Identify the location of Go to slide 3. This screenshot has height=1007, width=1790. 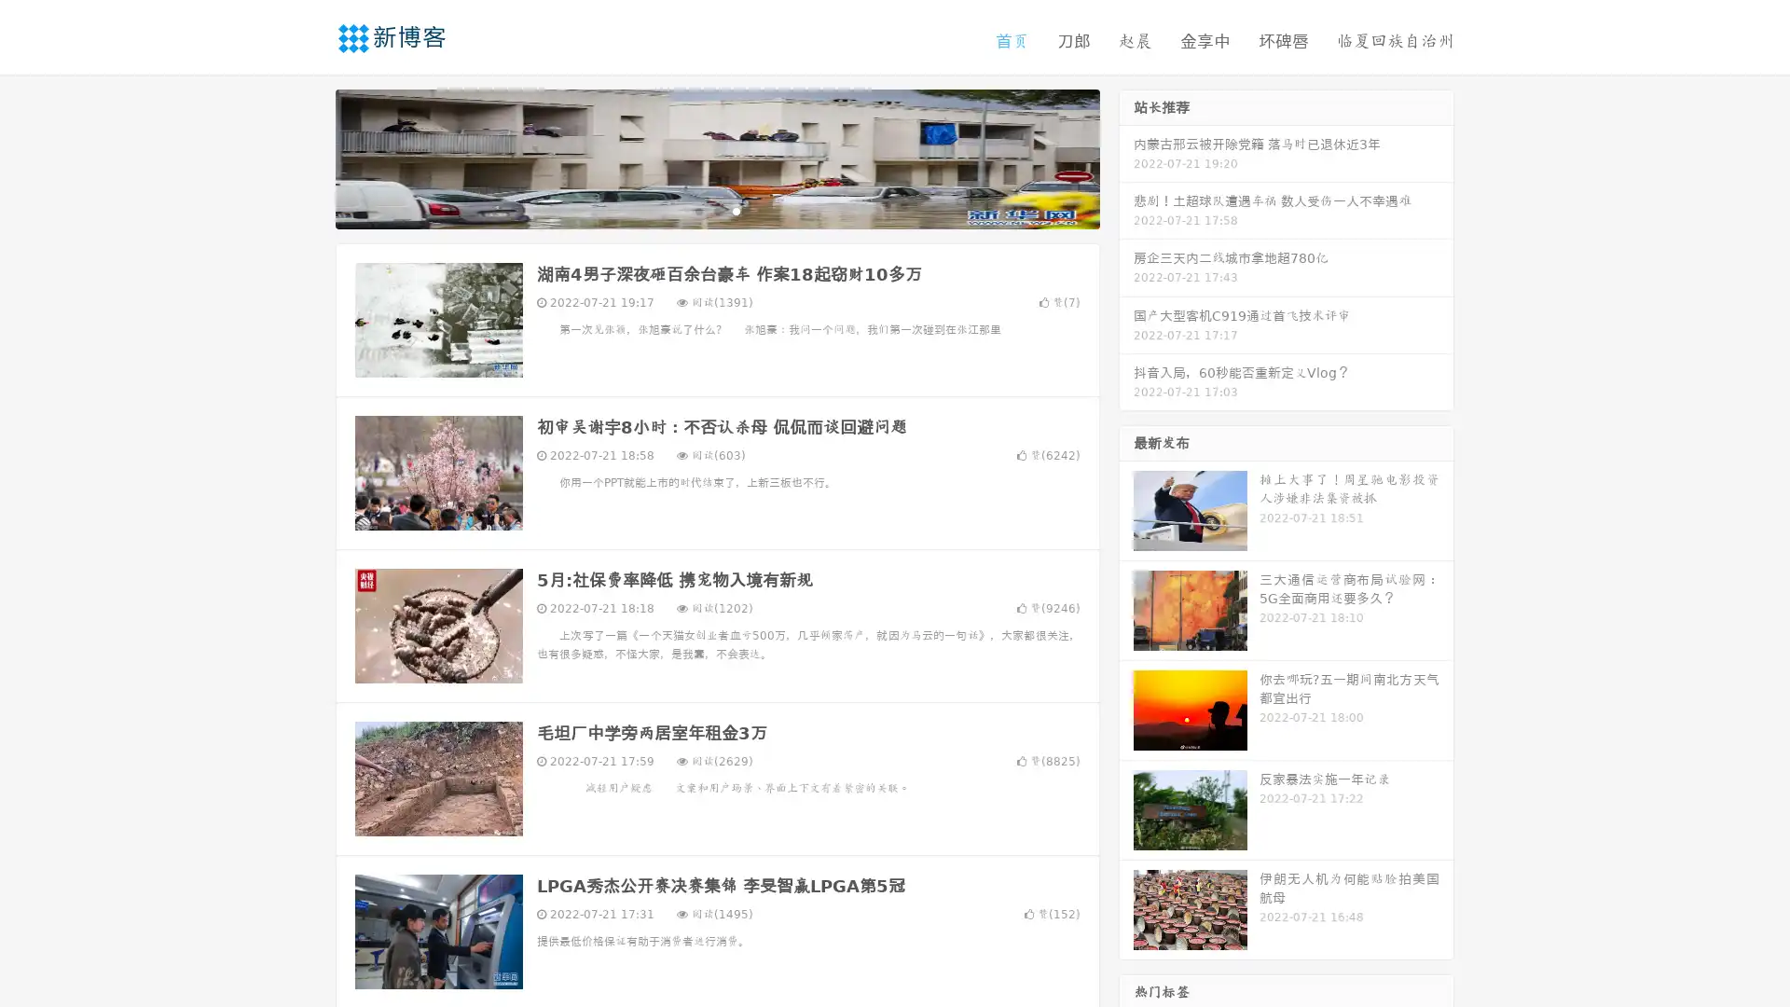
(736, 210).